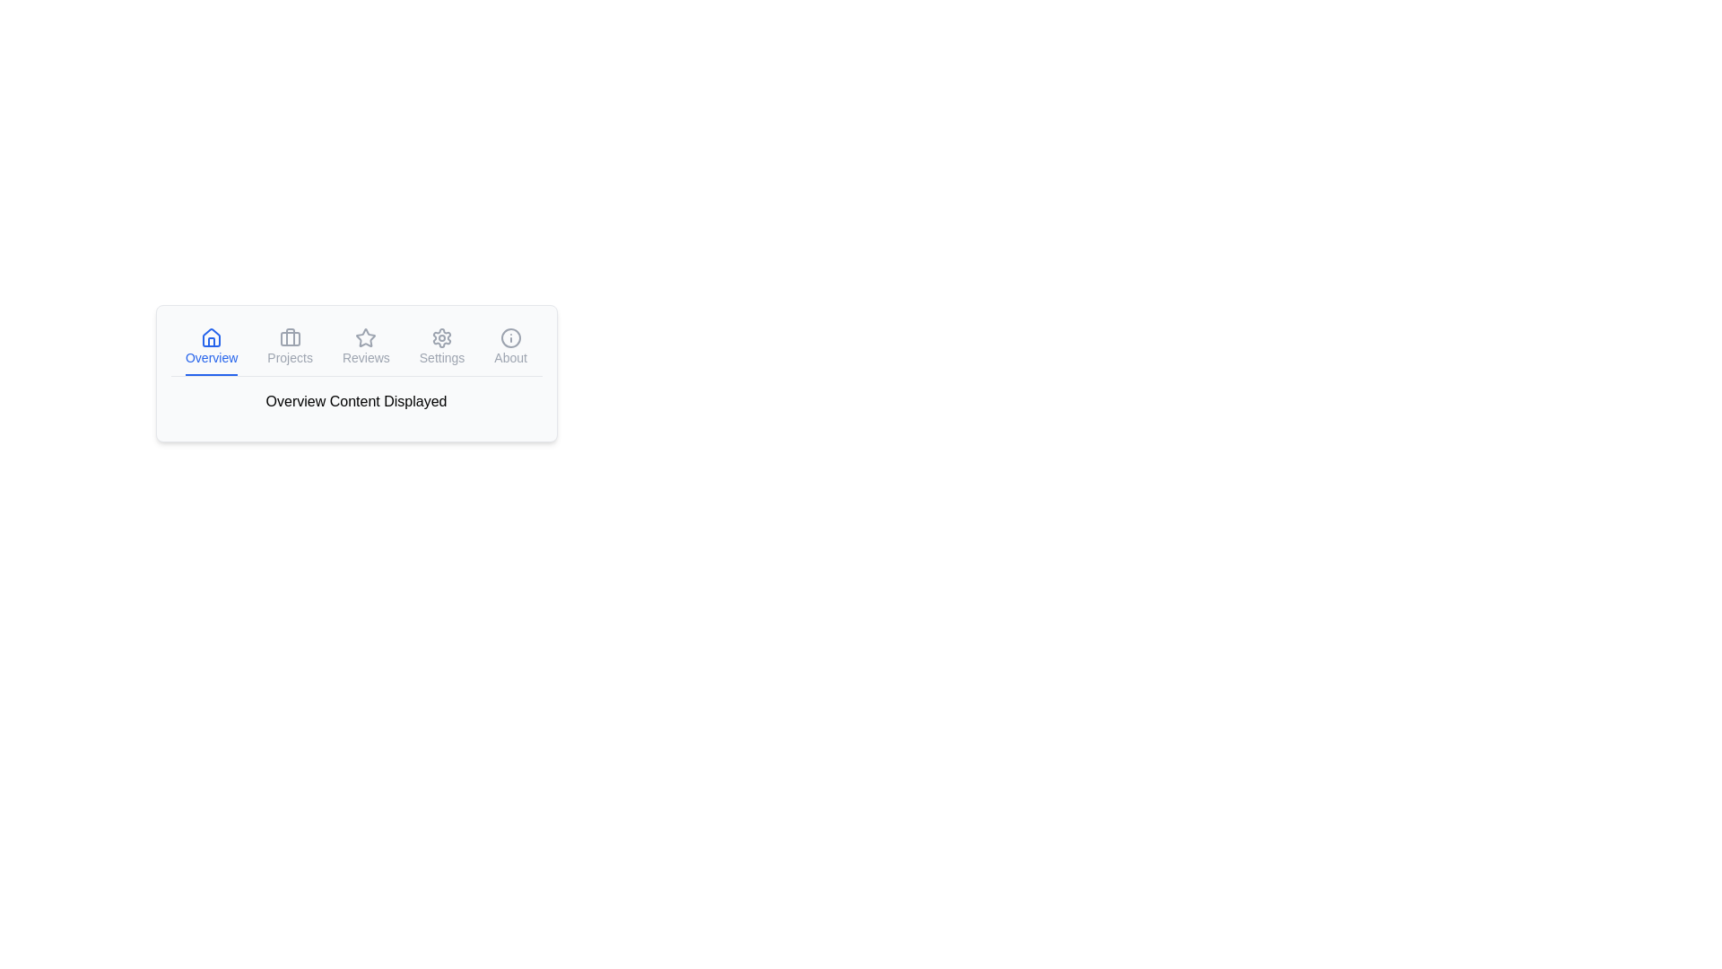 The image size is (1722, 969). I want to click on the tab labeled About to view its content, so click(510, 348).